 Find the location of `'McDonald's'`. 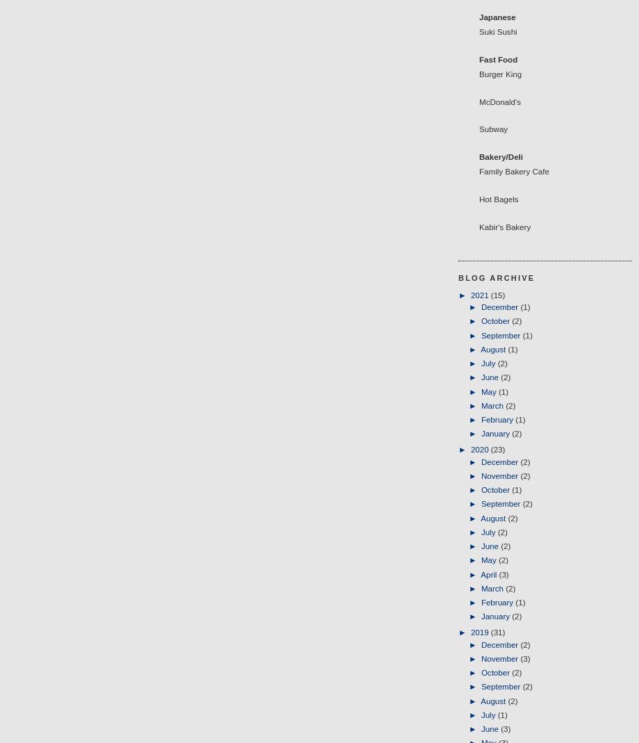

'McDonald's' is located at coordinates (499, 101).